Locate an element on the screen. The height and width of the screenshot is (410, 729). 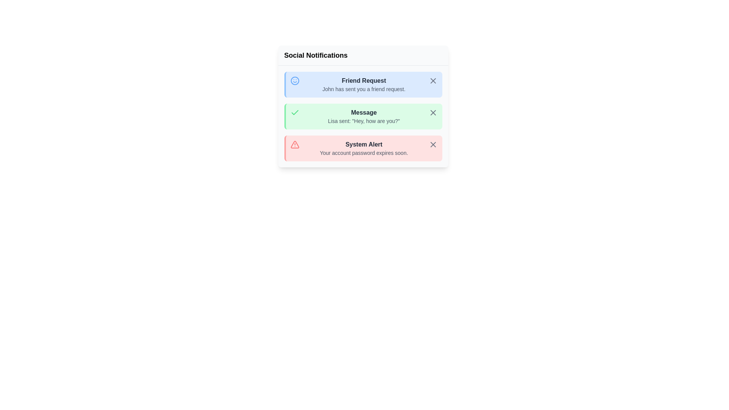
the Text label that serves as a title for the notification, located at the top of a notification card with a light green background is located at coordinates (363, 113).